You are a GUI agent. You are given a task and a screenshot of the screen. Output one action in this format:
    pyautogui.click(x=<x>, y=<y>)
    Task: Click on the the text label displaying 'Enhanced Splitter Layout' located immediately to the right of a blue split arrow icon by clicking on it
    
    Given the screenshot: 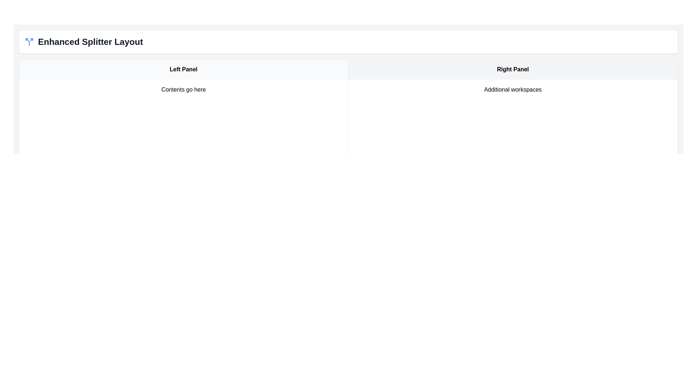 What is the action you would take?
    pyautogui.click(x=90, y=42)
    